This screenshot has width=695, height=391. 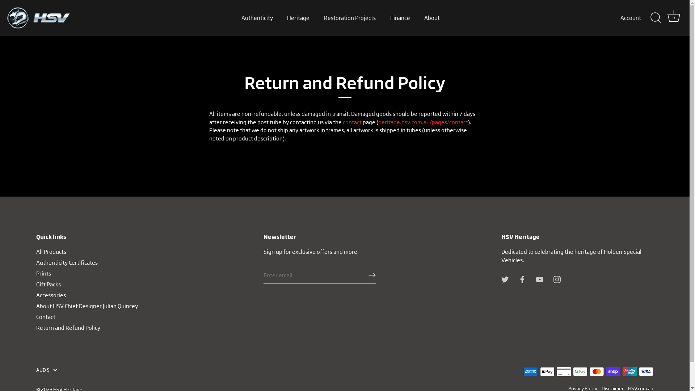 What do you see at coordinates (50, 295) in the screenshot?
I see `'Accessories'` at bounding box center [50, 295].